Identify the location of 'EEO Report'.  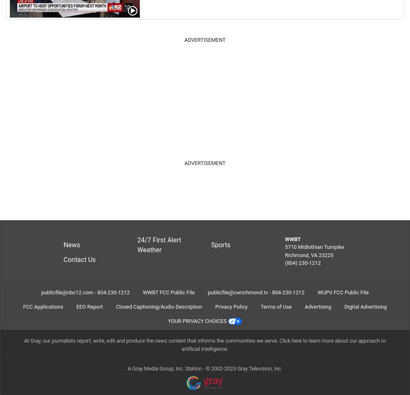
(89, 306).